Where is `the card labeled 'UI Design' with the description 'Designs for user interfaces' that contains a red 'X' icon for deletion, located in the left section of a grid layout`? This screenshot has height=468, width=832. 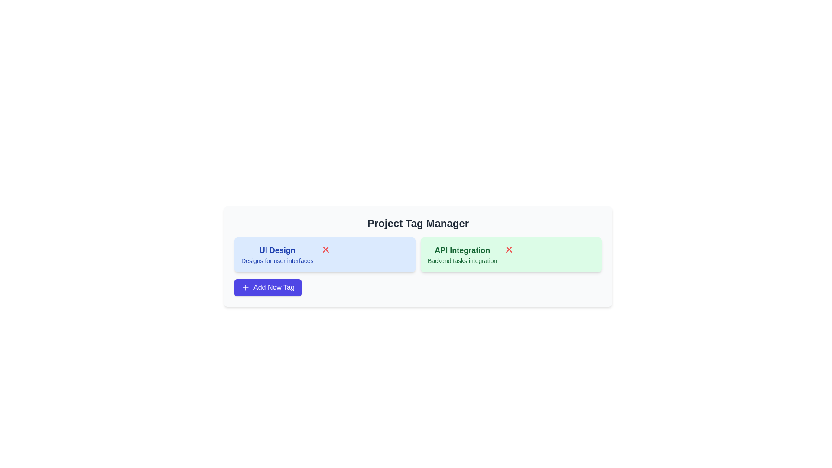
the card labeled 'UI Design' with the description 'Designs for user interfaces' that contains a red 'X' icon for deletion, located in the left section of a grid layout is located at coordinates (324, 254).